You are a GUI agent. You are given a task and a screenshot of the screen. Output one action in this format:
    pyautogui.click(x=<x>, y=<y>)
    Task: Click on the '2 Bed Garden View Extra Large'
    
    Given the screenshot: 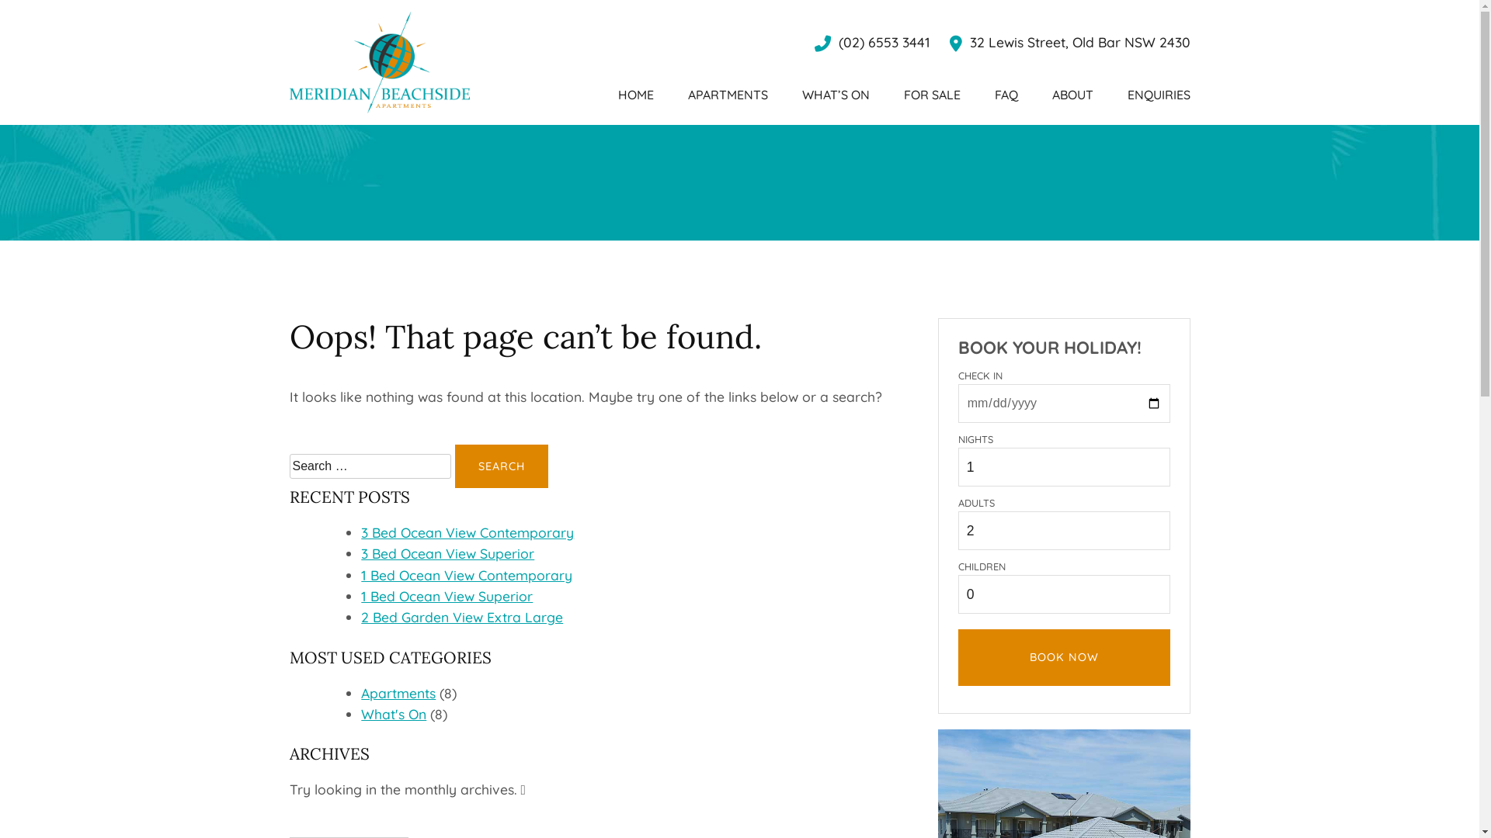 What is the action you would take?
    pyautogui.click(x=360, y=615)
    